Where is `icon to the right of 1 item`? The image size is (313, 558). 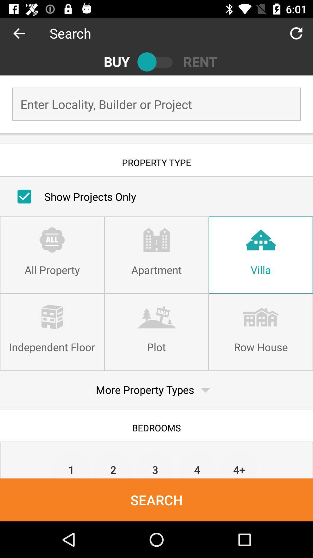 icon to the right of 1 item is located at coordinates (113, 464).